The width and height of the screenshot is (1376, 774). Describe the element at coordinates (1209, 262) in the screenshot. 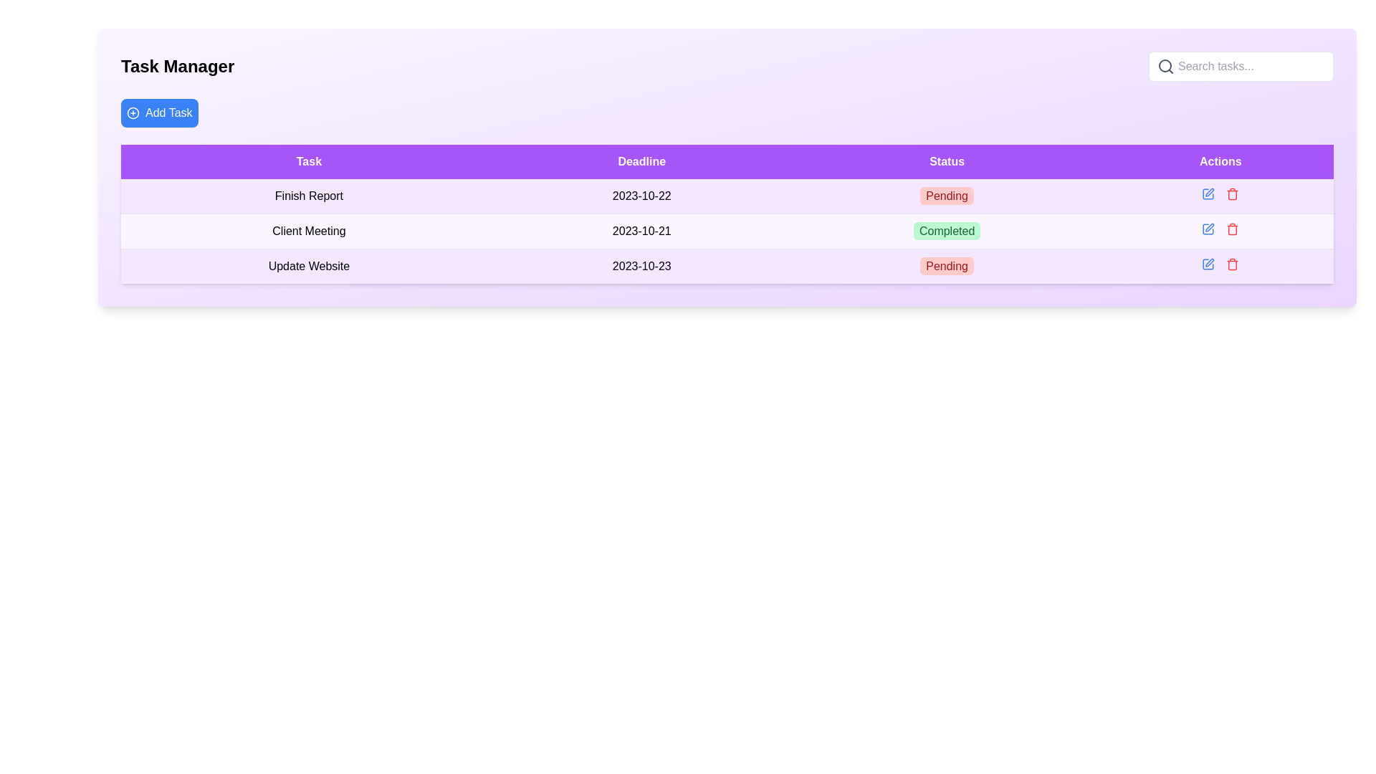

I see `the edit button in the 'Actions' column of the table for the 'Update Website' task to initiate the editing process` at that location.